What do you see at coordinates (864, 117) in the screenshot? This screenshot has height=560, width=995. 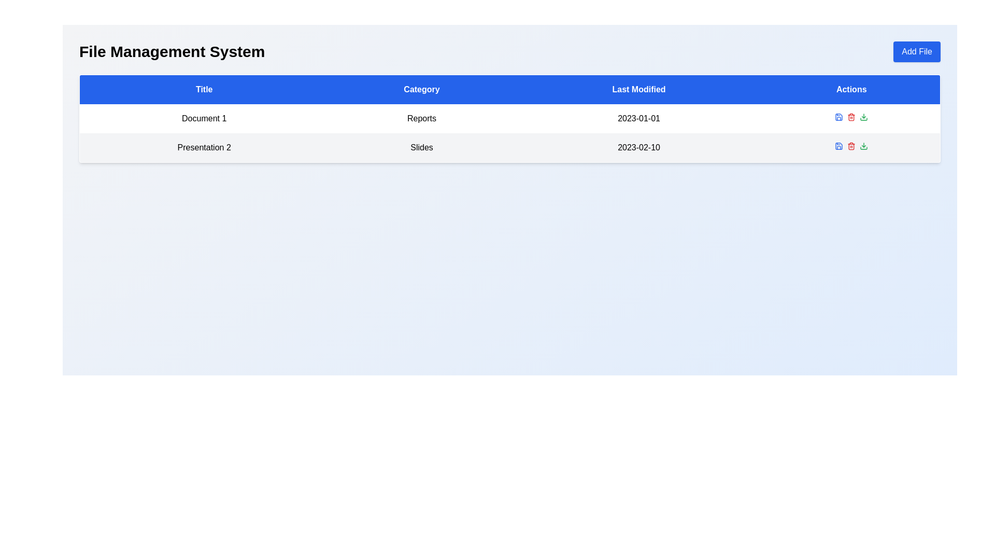 I see `the green downwards-pointing arrow icon in the 'Actions' column of the second row to download the associated file` at bounding box center [864, 117].